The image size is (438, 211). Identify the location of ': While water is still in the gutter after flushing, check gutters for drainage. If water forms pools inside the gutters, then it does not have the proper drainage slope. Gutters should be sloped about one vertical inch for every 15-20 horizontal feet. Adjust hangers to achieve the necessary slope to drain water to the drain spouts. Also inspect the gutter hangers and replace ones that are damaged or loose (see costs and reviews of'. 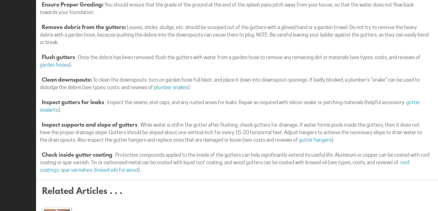
(40, 132).